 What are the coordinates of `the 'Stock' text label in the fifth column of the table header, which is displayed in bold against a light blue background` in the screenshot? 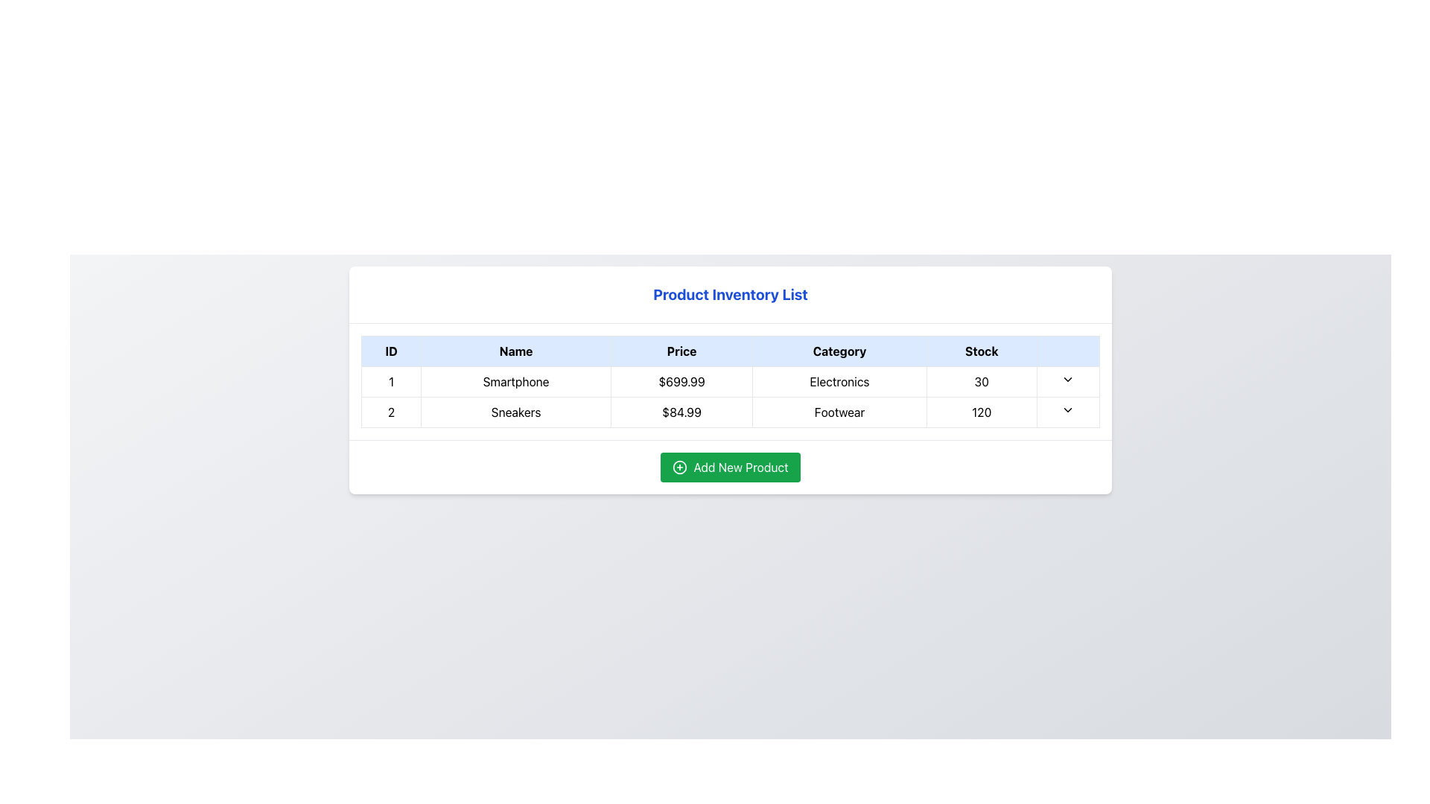 It's located at (982, 351).